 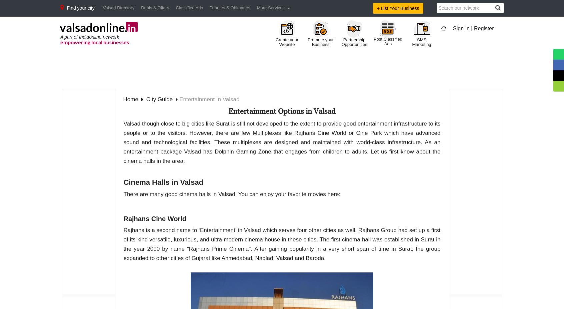 I want to click on '+ List Your Business', so click(x=376, y=8).